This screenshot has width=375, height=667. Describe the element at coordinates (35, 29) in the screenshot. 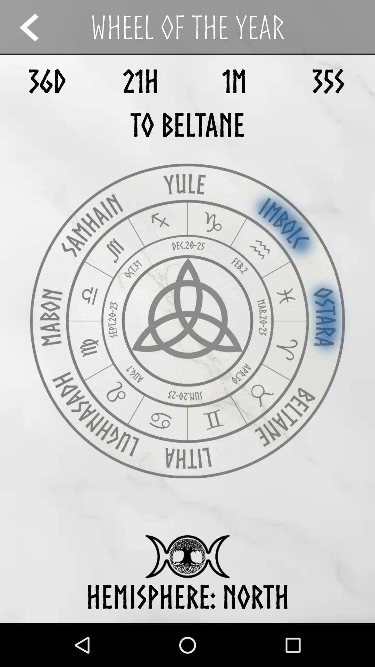

I see `the arrow_backward icon` at that location.